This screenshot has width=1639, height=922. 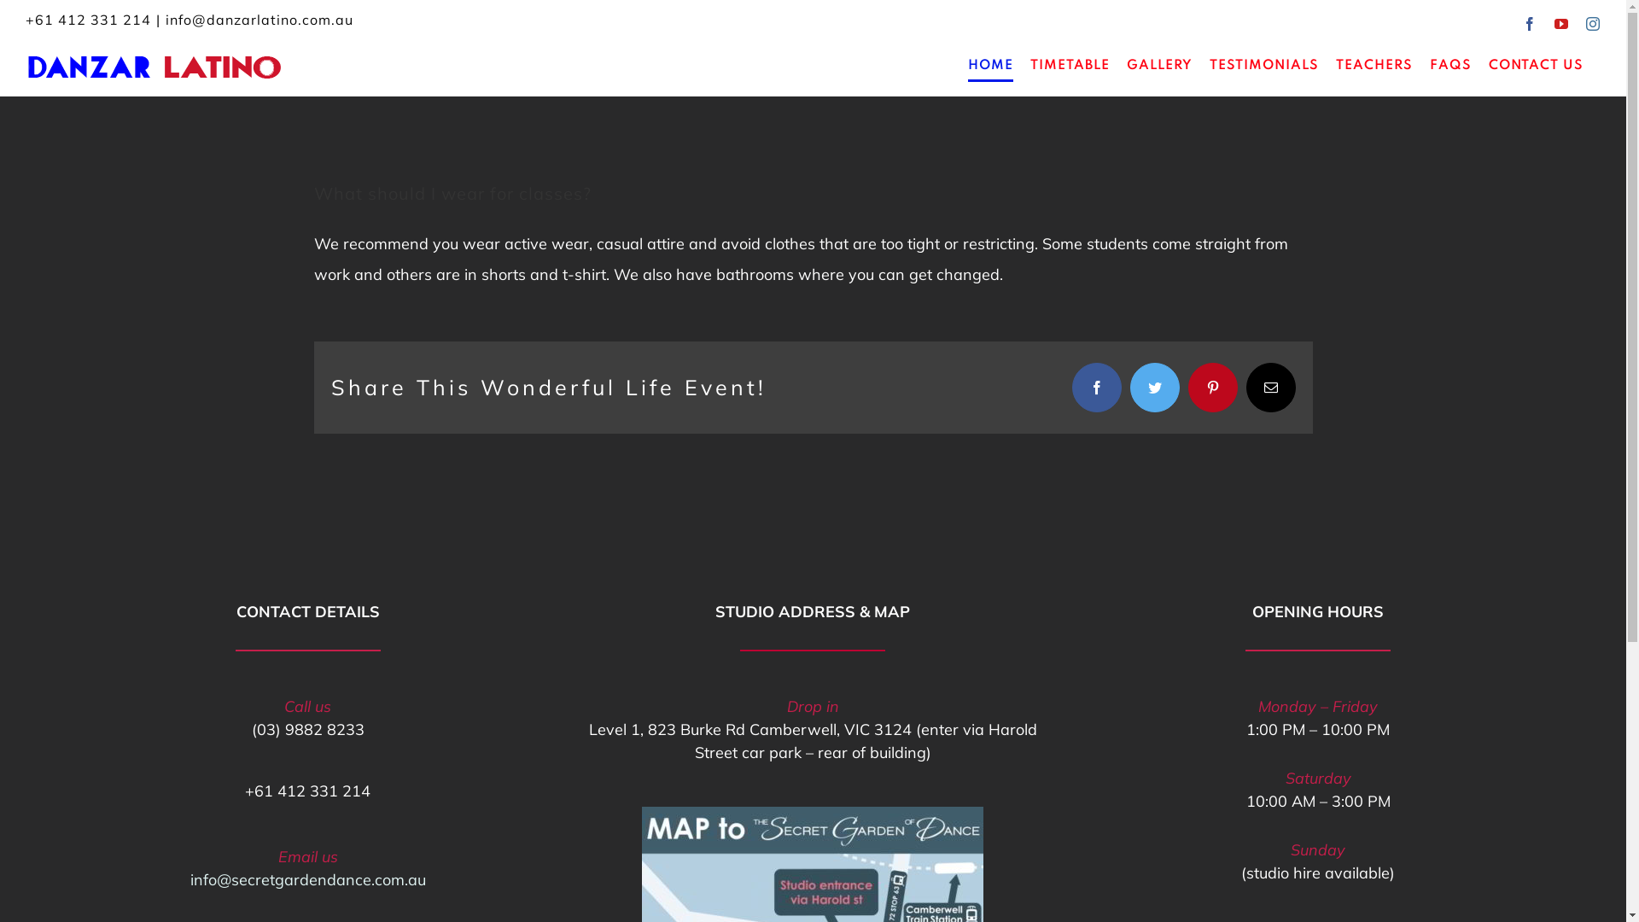 What do you see at coordinates (990, 65) in the screenshot?
I see `'HOME'` at bounding box center [990, 65].